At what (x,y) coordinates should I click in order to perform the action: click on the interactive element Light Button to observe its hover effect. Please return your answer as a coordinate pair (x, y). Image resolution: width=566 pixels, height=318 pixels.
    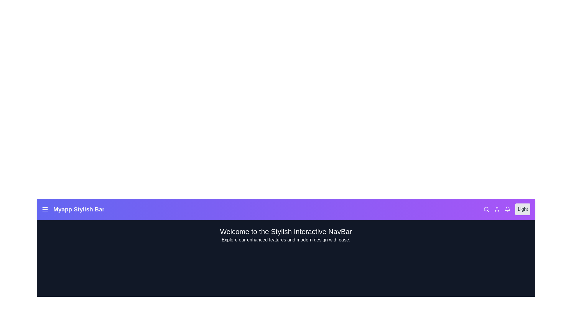
    Looking at the image, I should click on (522, 209).